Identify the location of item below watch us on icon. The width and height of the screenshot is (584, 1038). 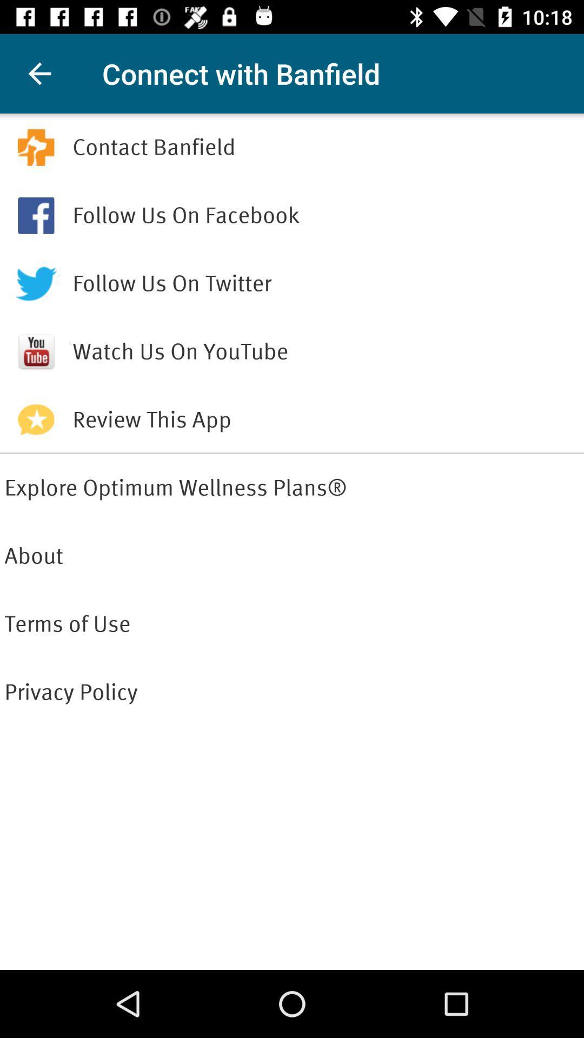
(325, 420).